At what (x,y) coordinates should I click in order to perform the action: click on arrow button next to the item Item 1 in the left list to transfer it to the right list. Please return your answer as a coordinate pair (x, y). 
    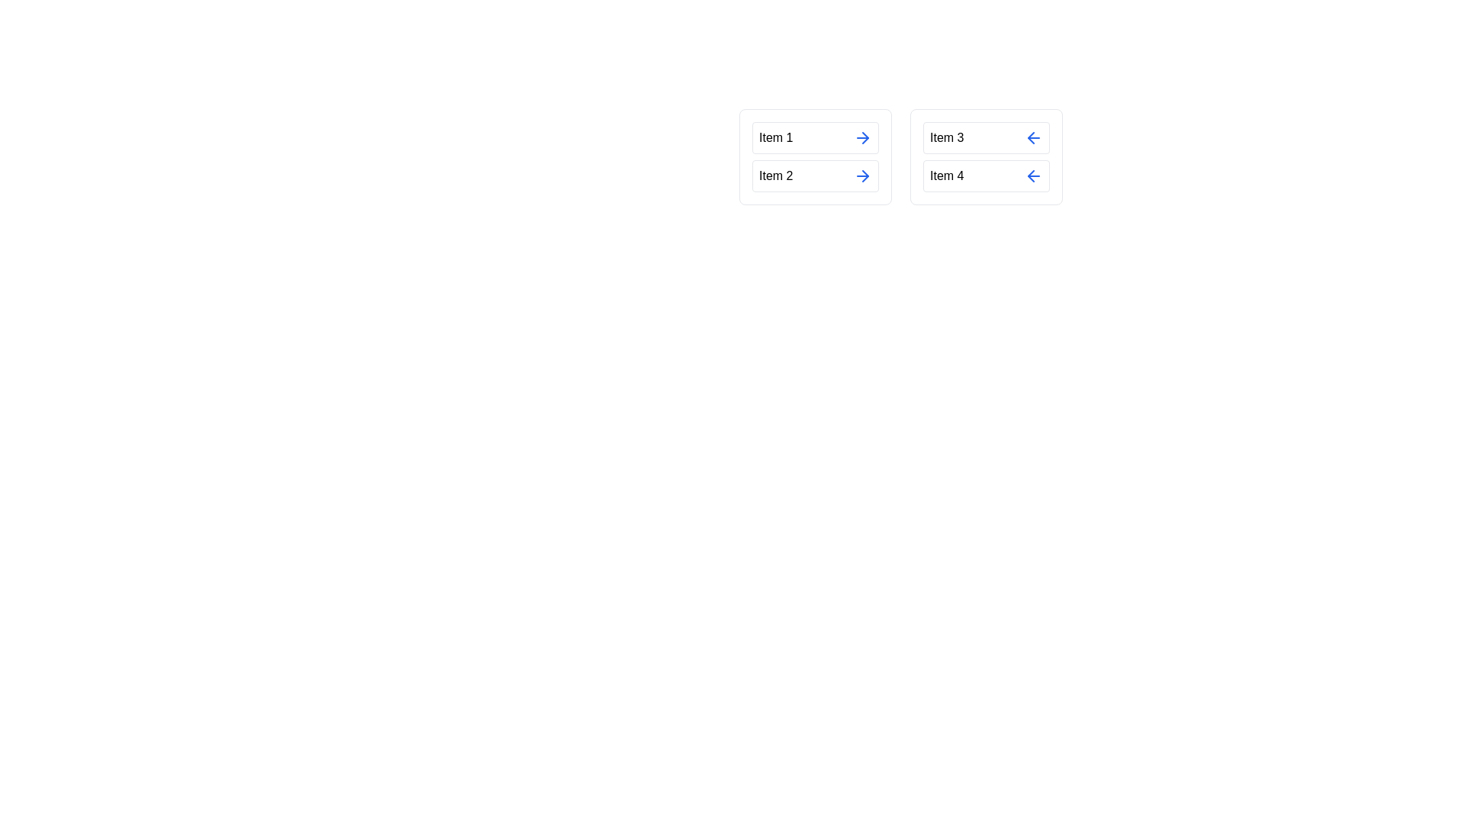
    Looking at the image, I should click on (863, 138).